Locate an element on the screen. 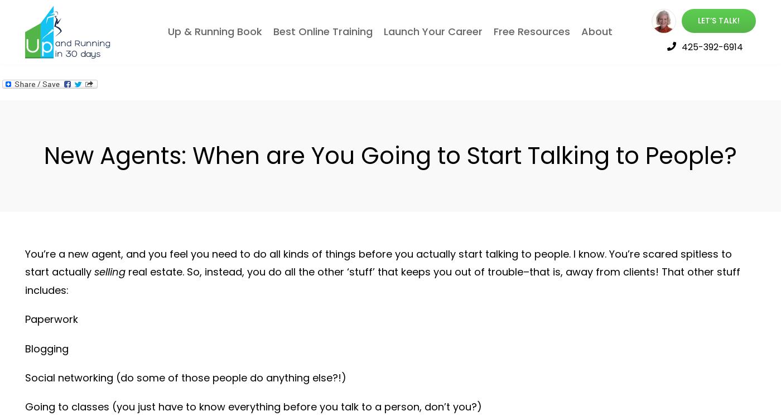 This screenshot has width=781, height=416. 'Paperwork' is located at coordinates (24, 318).